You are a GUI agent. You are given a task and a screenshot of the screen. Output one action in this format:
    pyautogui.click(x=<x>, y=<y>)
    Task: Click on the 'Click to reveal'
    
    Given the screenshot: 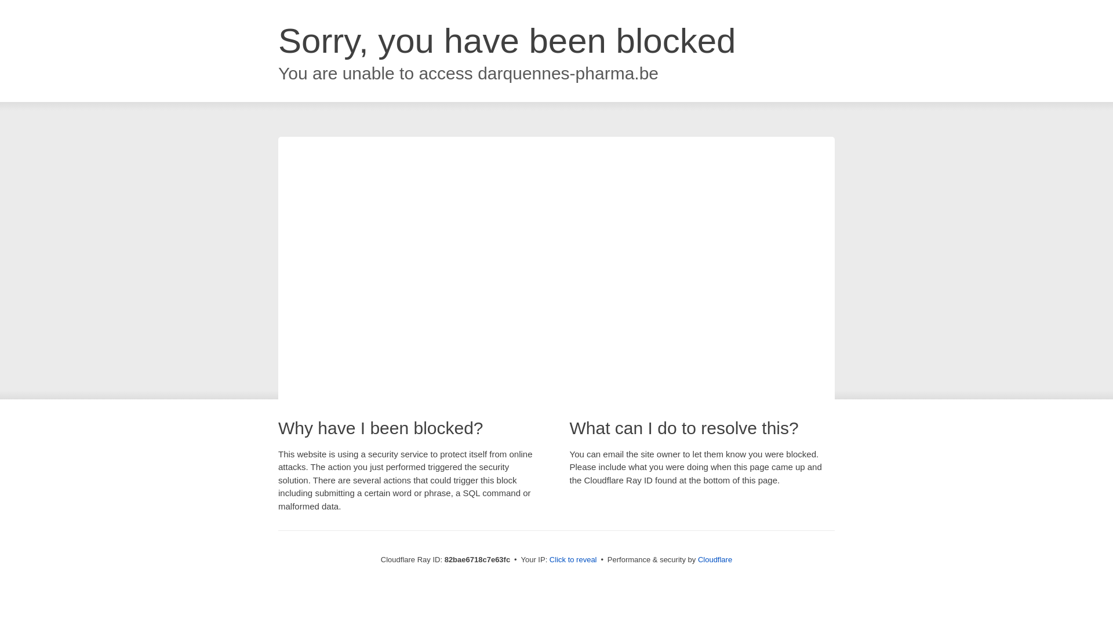 What is the action you would take?
    pyautogui.click(x=573, y=559)
    